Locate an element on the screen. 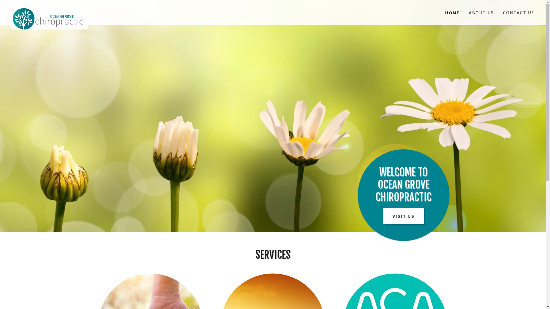 This screenshot has height=309, width=550. 'CONTACT US' is located at coordinates (518, 12).